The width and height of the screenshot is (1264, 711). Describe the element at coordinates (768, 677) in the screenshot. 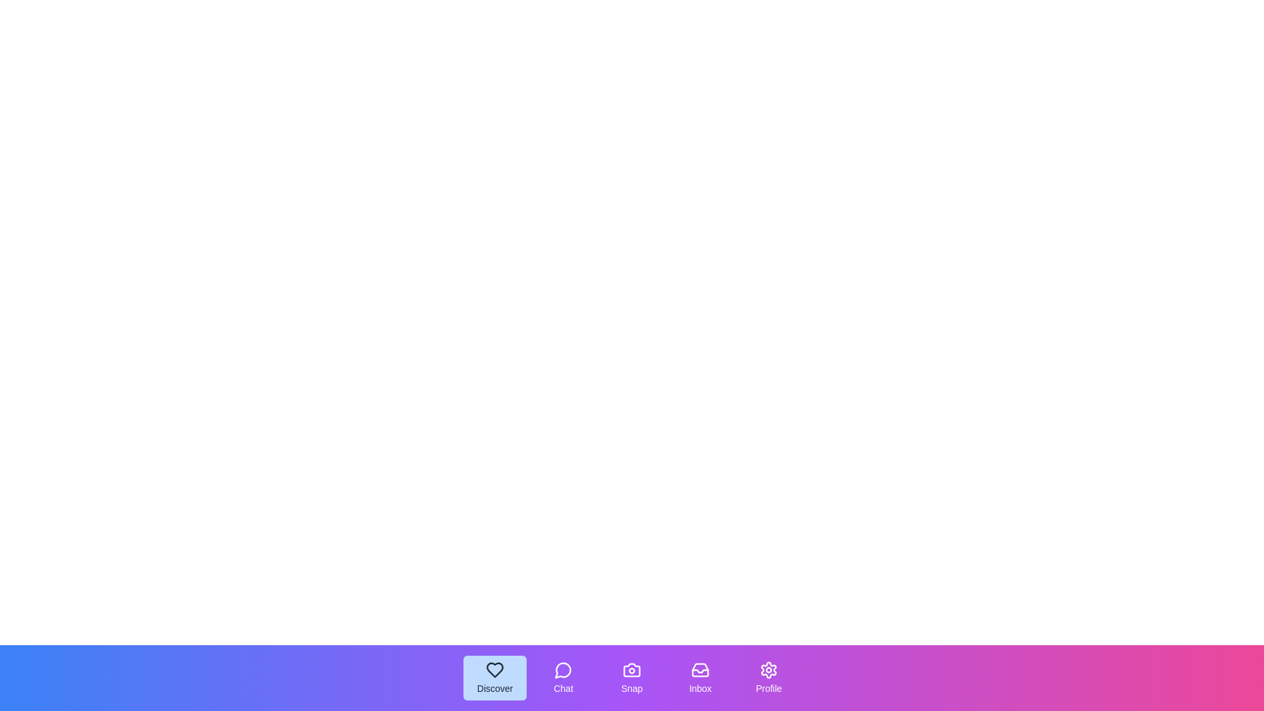

I see `the Profile tab by clicking on its button` at that location.